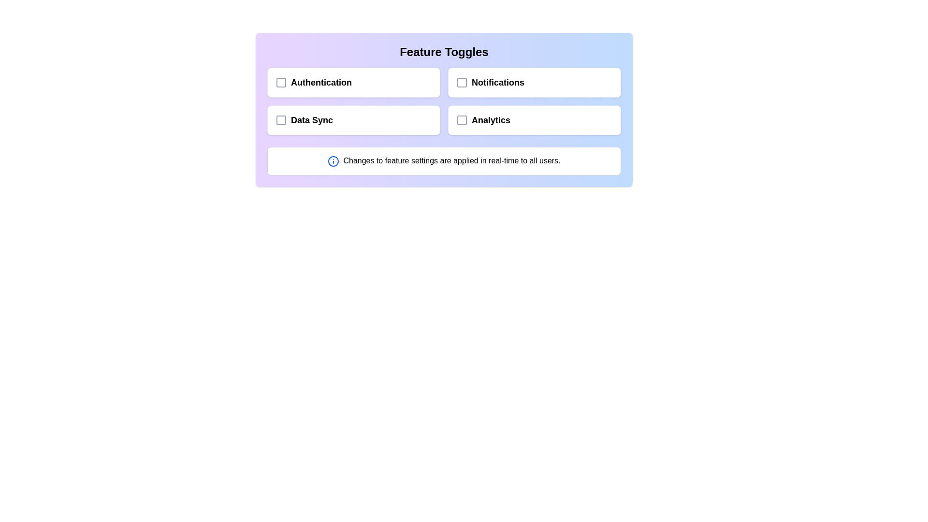 The width and height of the screenshot is (928, 522). Describe the element at coordinates (280, 82) in the screenshot. I see `the SVG rectangle with rounded corners next to the 'Authentication' label` at that location.